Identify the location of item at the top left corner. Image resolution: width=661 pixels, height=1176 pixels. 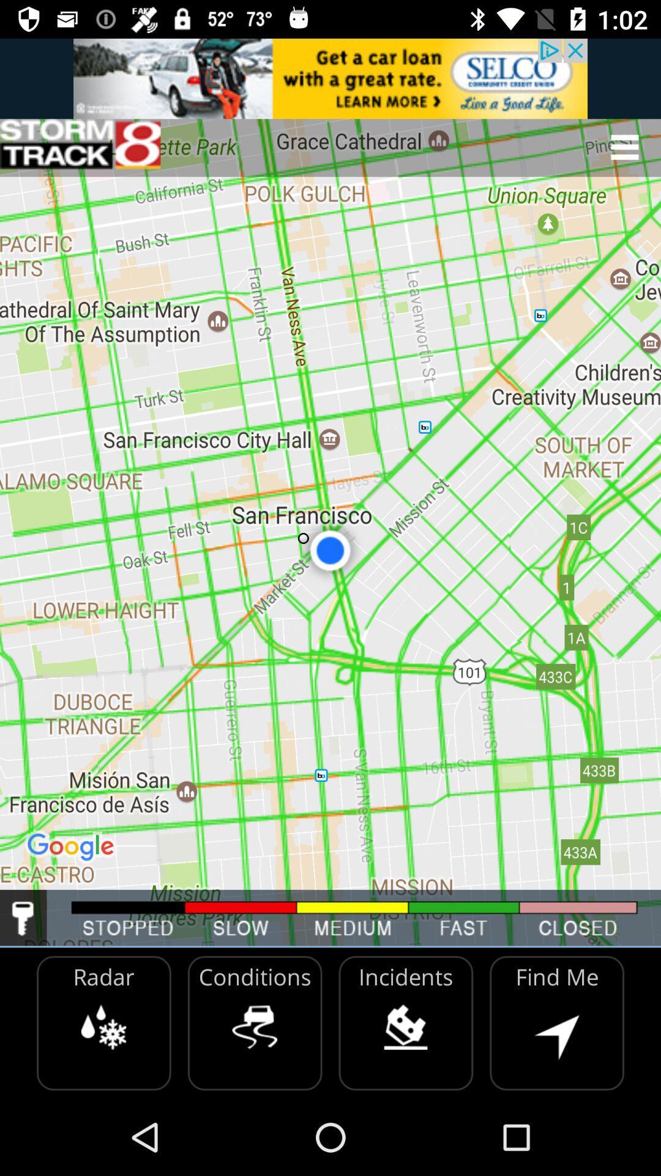
(80, 147).